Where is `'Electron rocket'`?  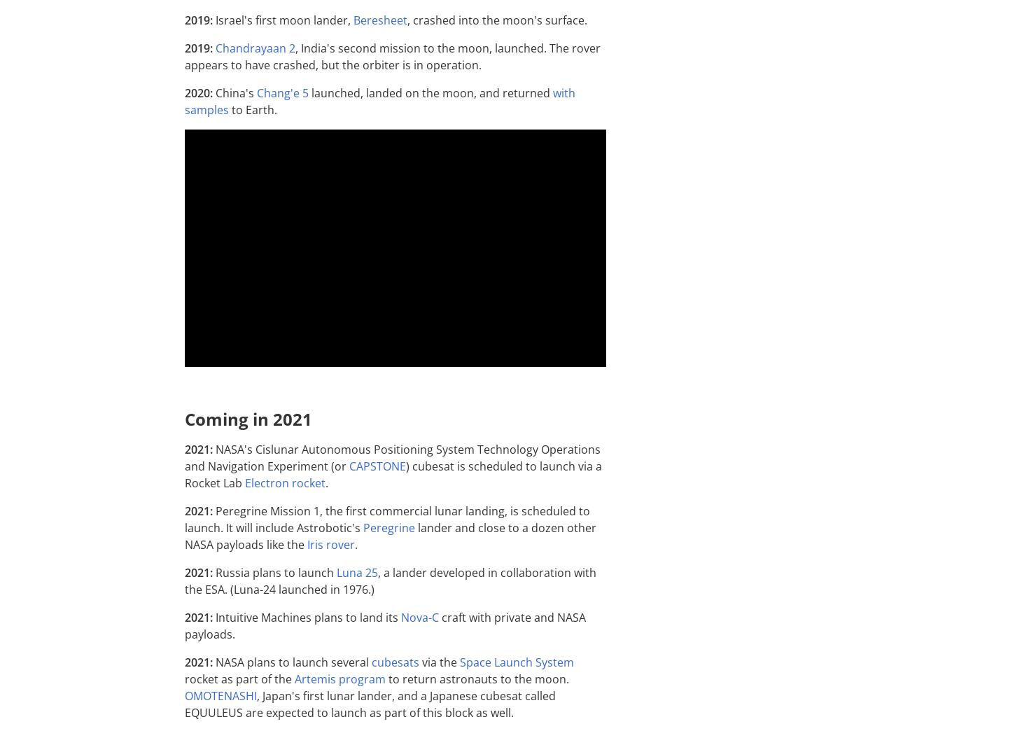
'Electron rocket' is located at coordinates (284, 482).